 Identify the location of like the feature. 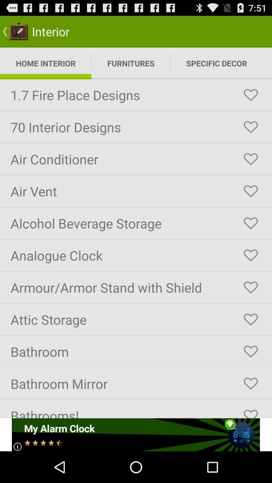
(251, 191).